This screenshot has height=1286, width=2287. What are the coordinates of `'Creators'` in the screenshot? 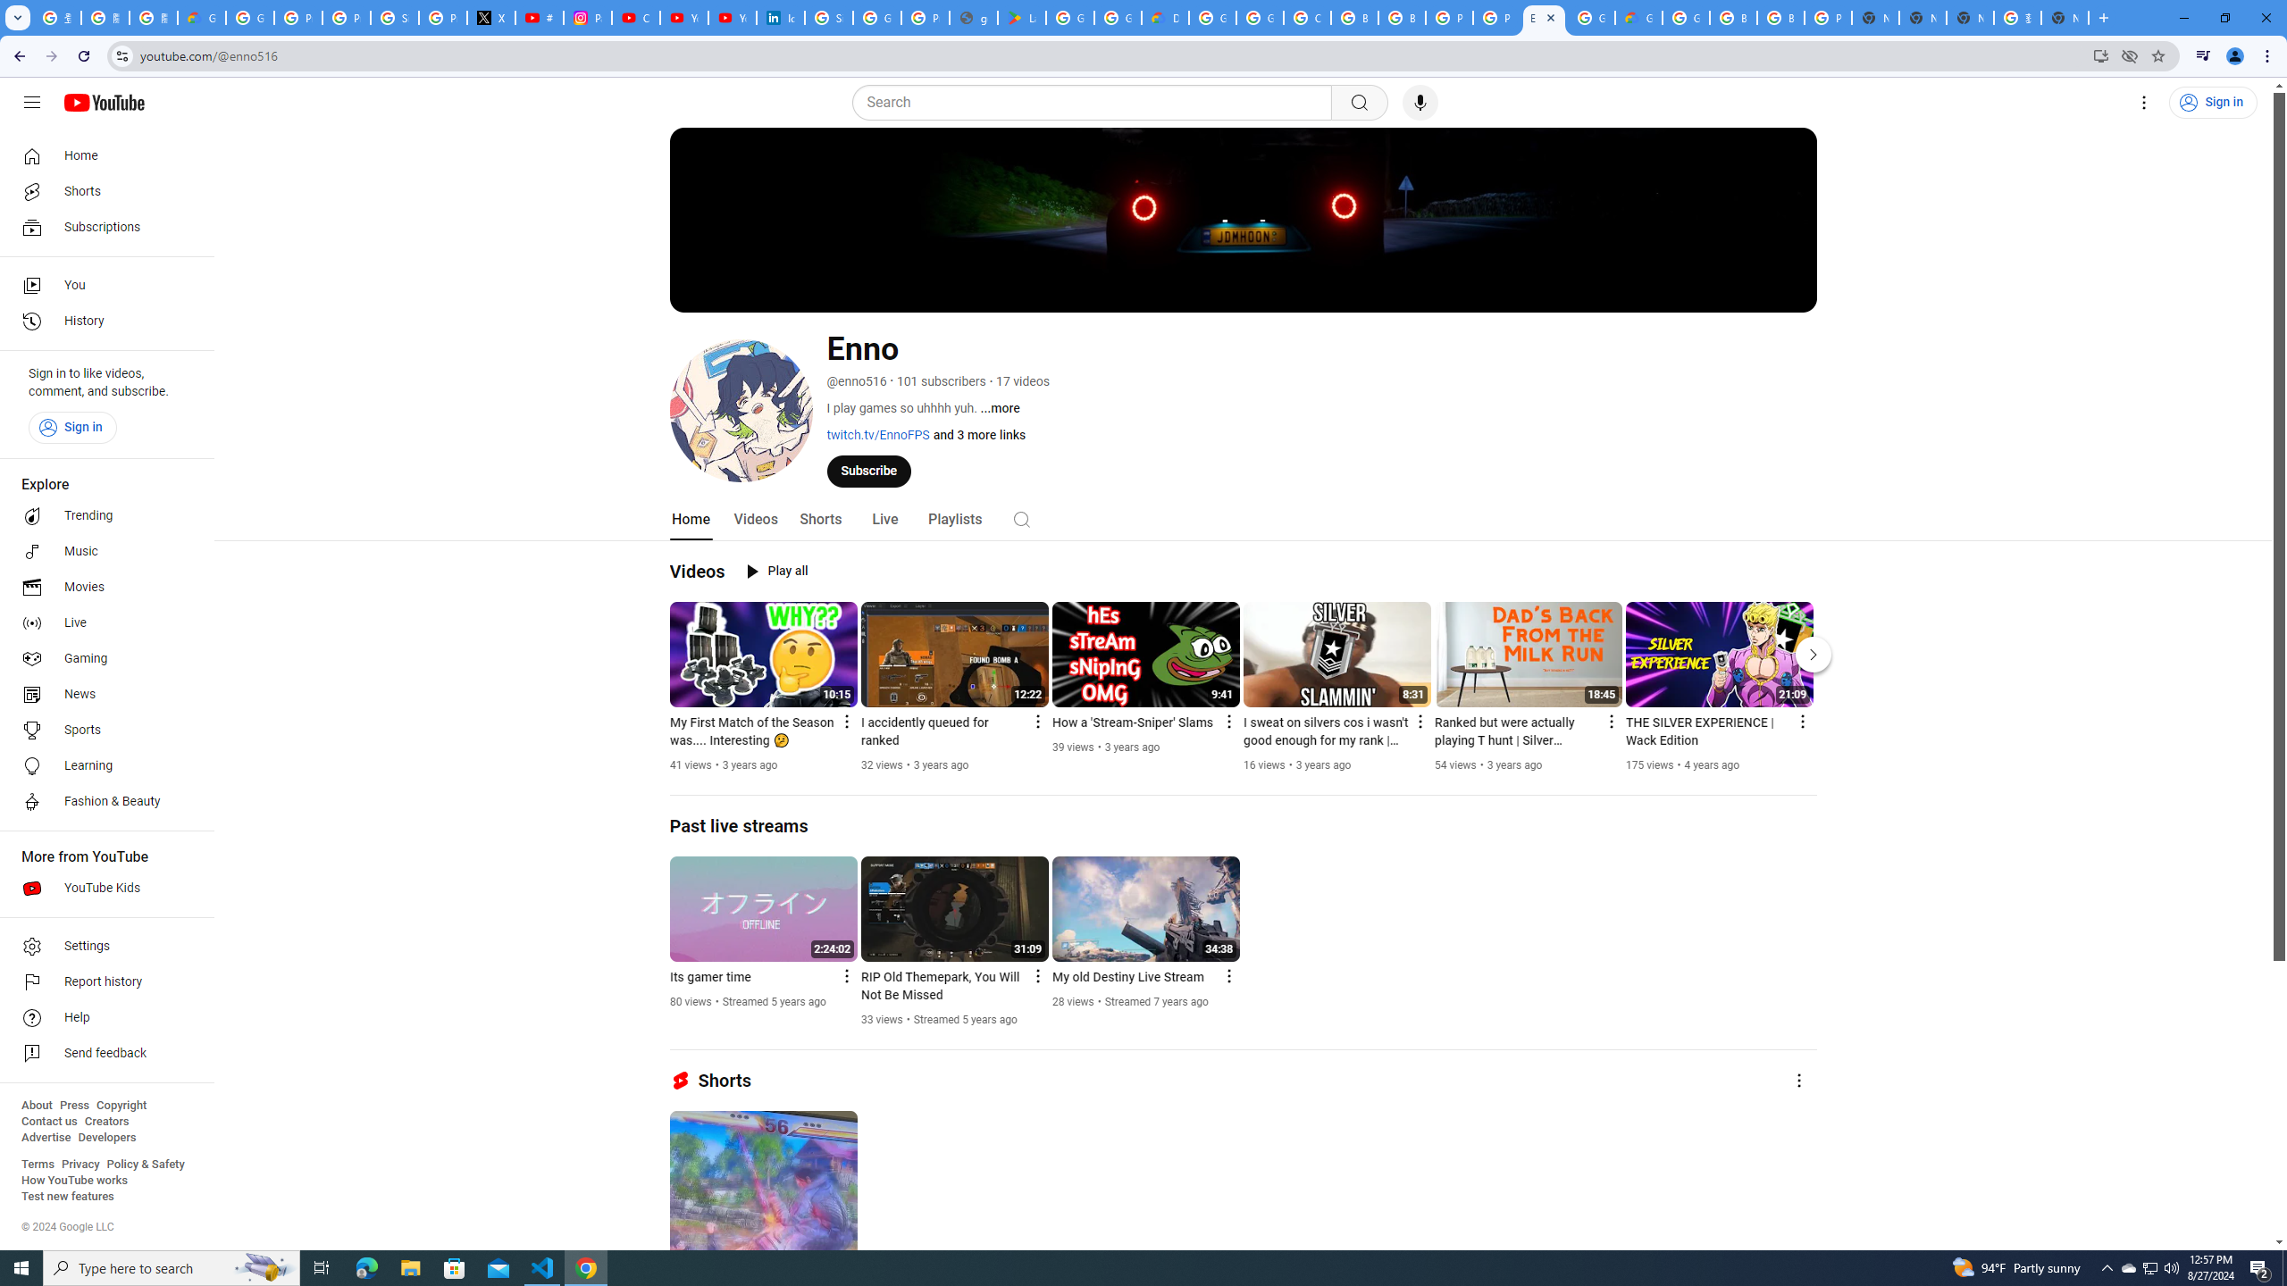 It's located at (106, 1121).